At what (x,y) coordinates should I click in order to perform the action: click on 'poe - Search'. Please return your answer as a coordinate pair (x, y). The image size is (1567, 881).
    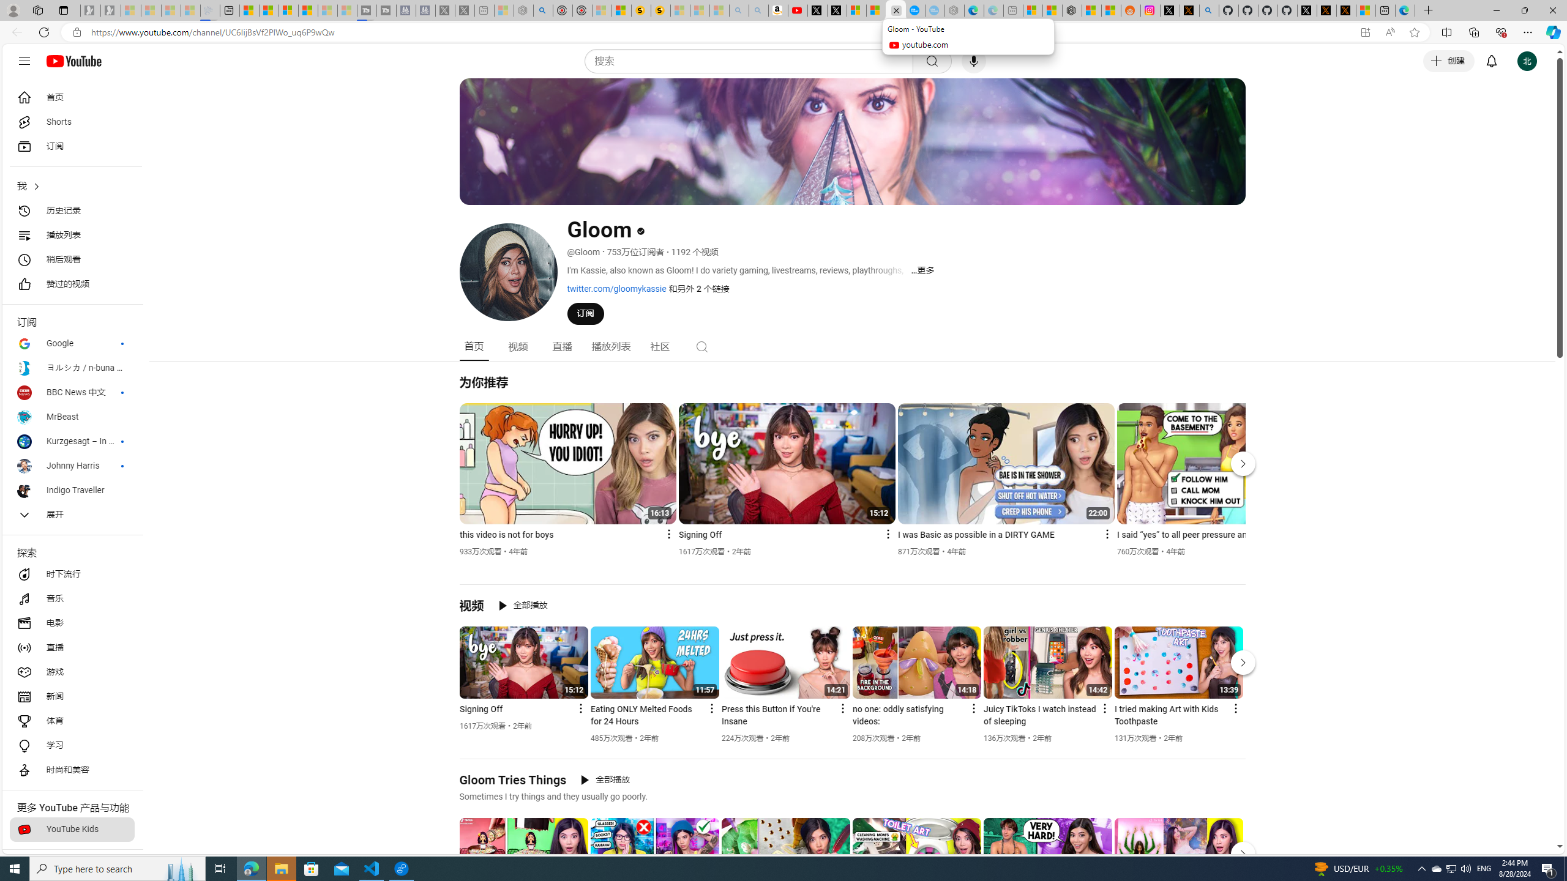
    Looking at the image, I should click on (542, 10).